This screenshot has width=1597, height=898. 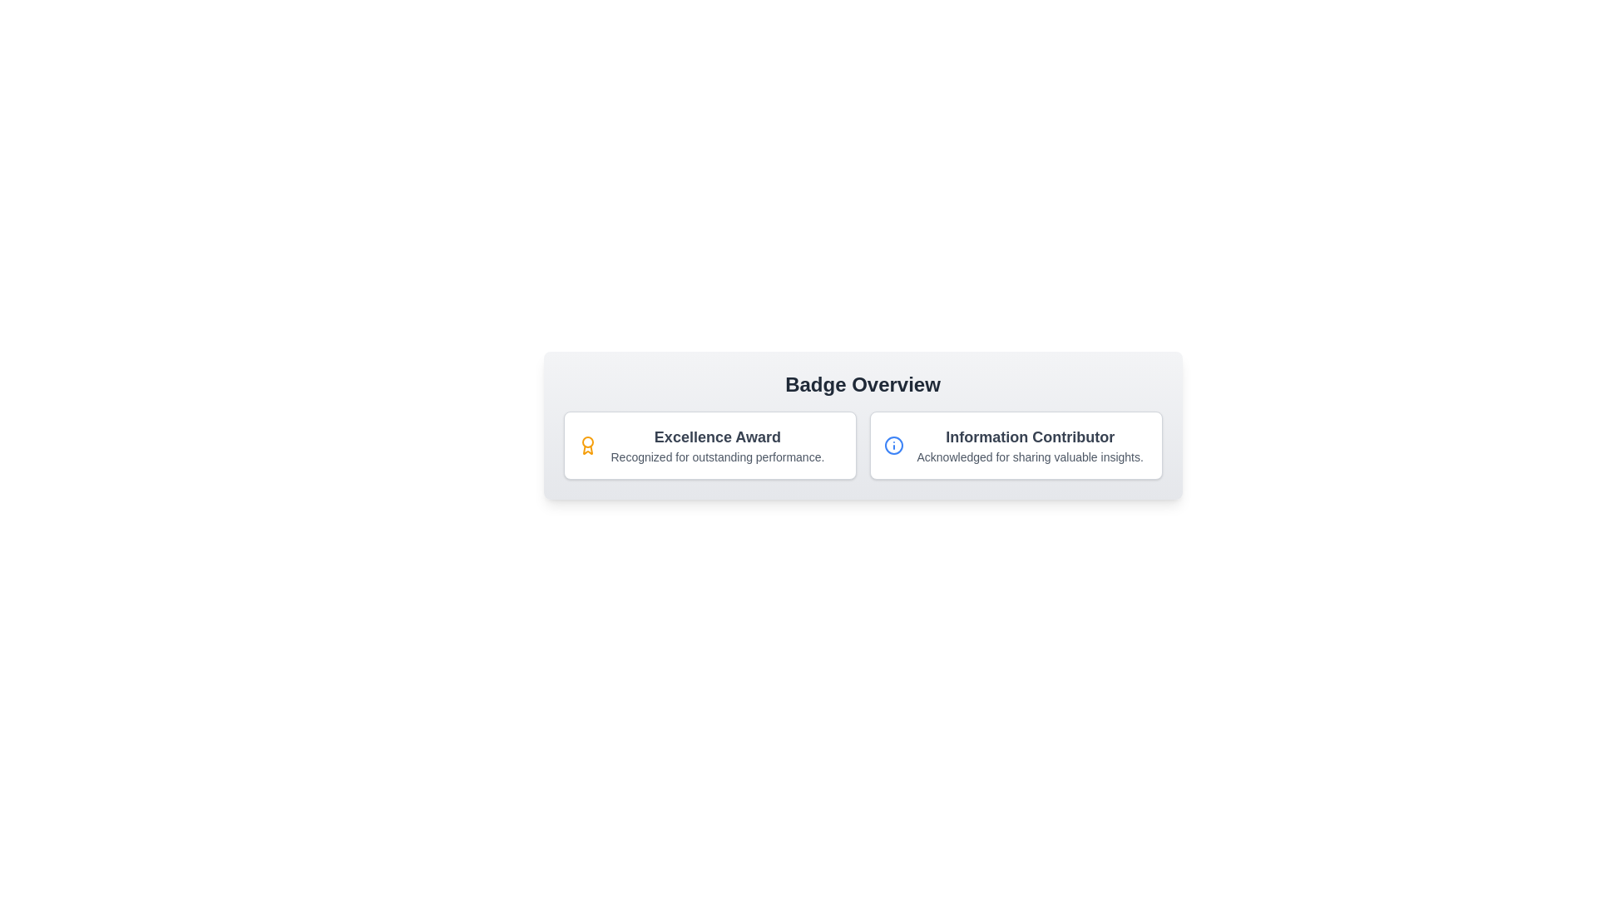 What do you see at coordinates (587, 445) in the screenshot?
I see `the amber-colored award medallion icon located on the left side of the 'Excellence Award' section` at bounding box center [587, 445].